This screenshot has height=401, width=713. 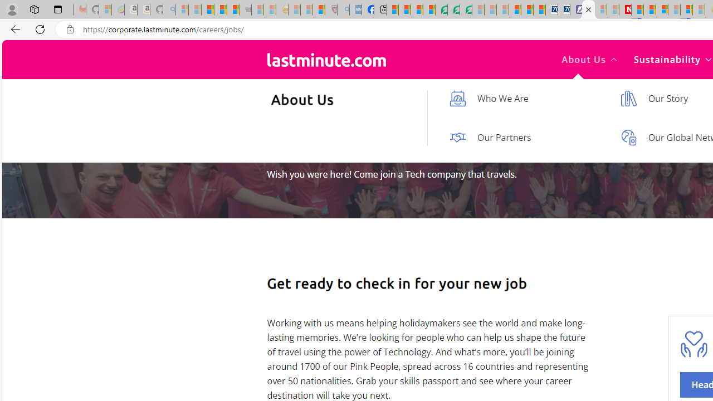 I want to click on 'Jobs - lastminute.com Investor Portal', so click(x=588, y=9).